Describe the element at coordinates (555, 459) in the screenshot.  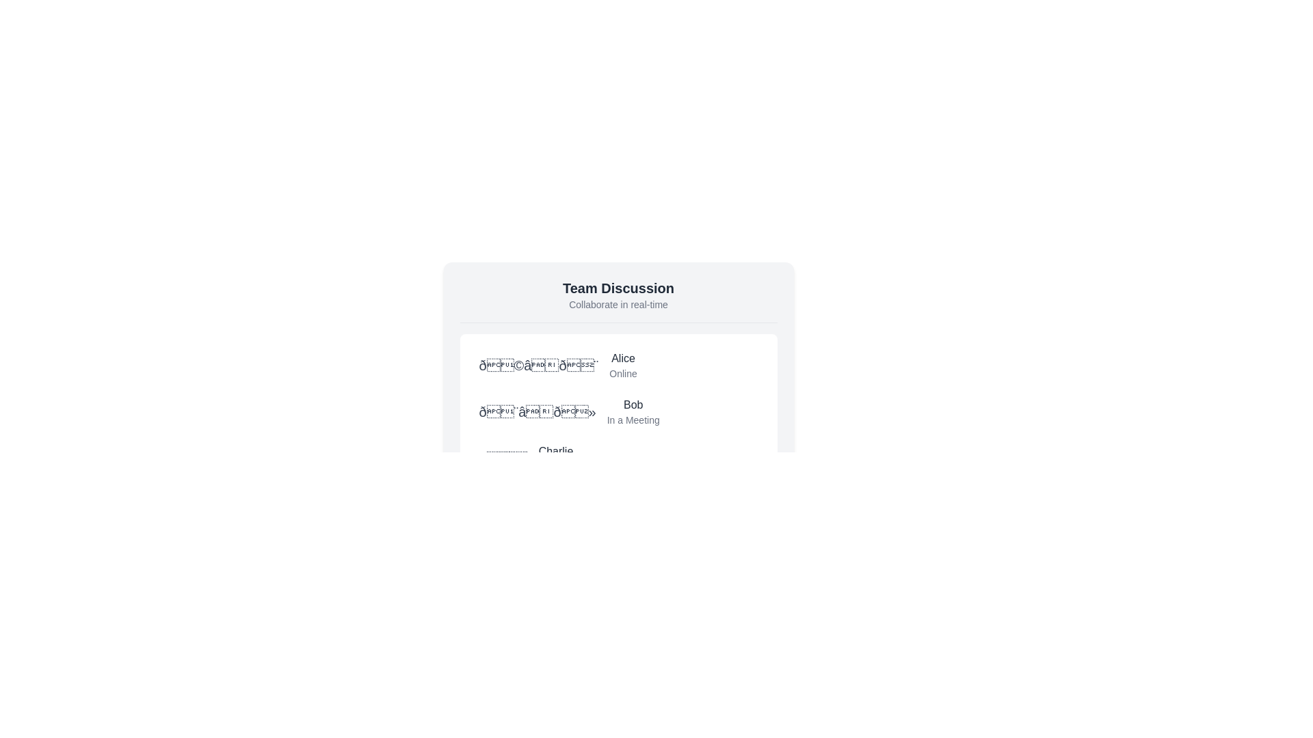
I see `the text display that shows the user's name and current status` at that location.